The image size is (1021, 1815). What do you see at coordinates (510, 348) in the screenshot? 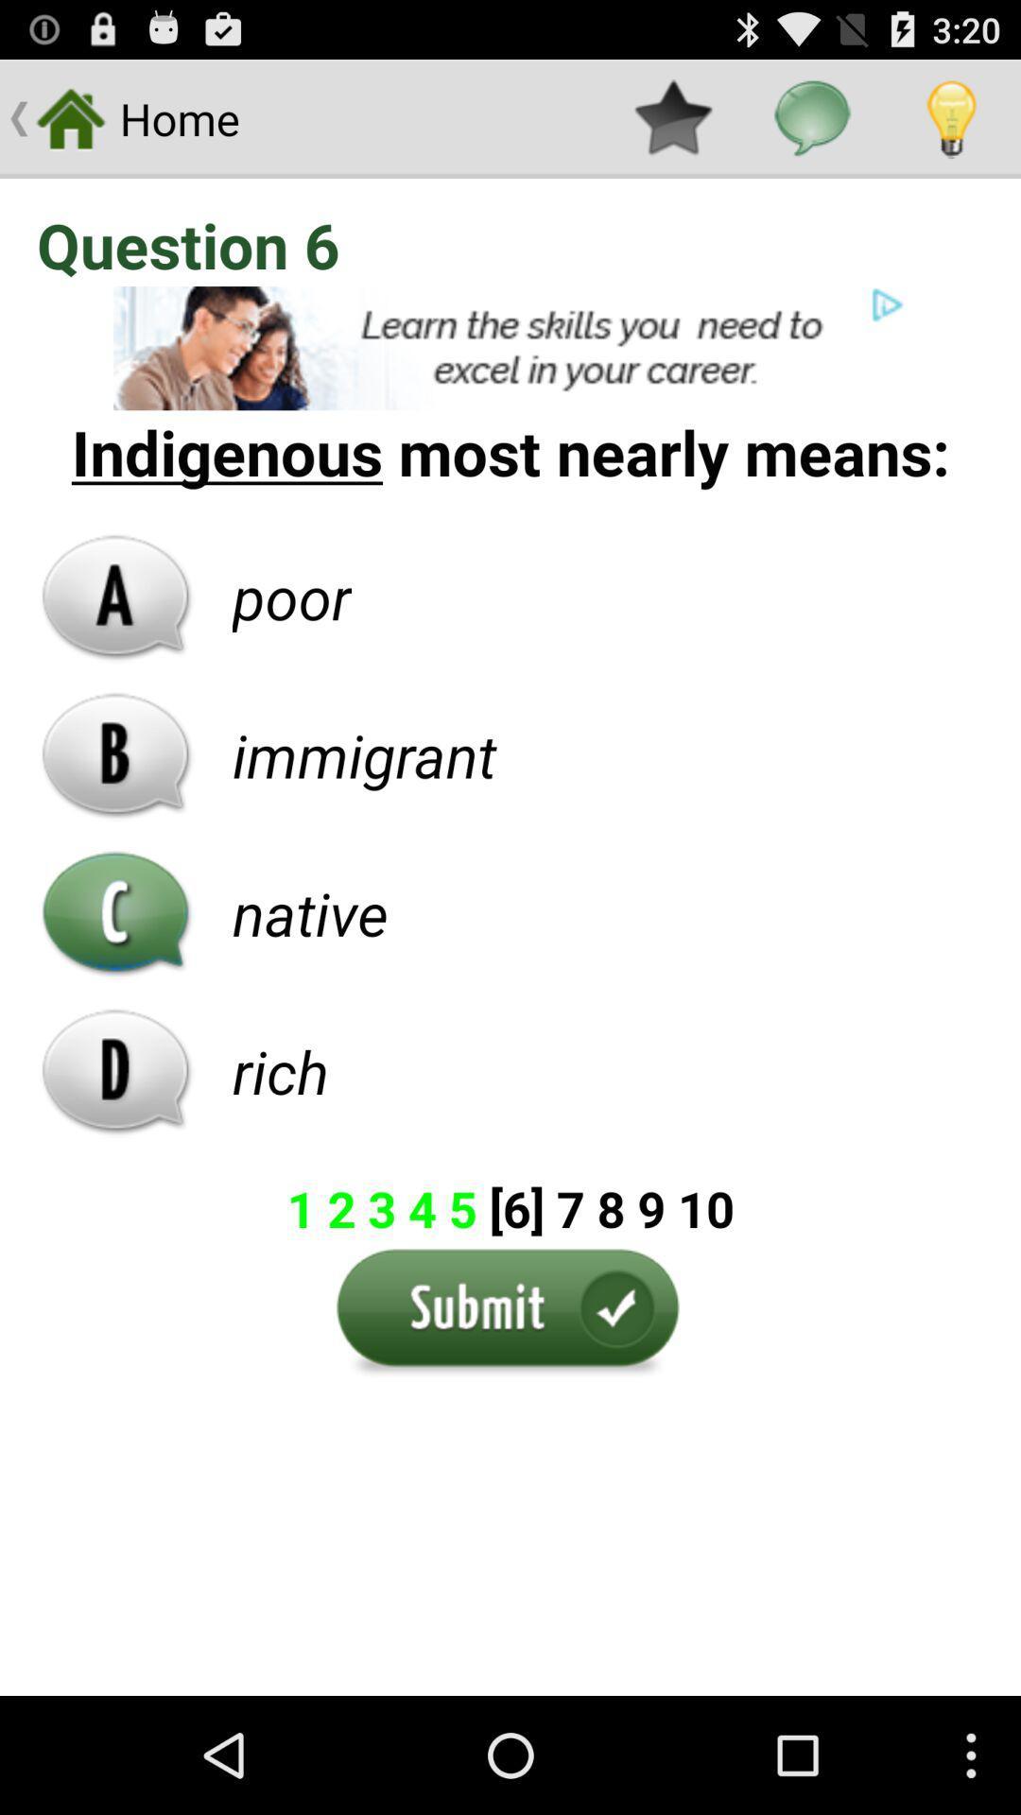
I see `click advertisement` at bounding box center [510, 348].